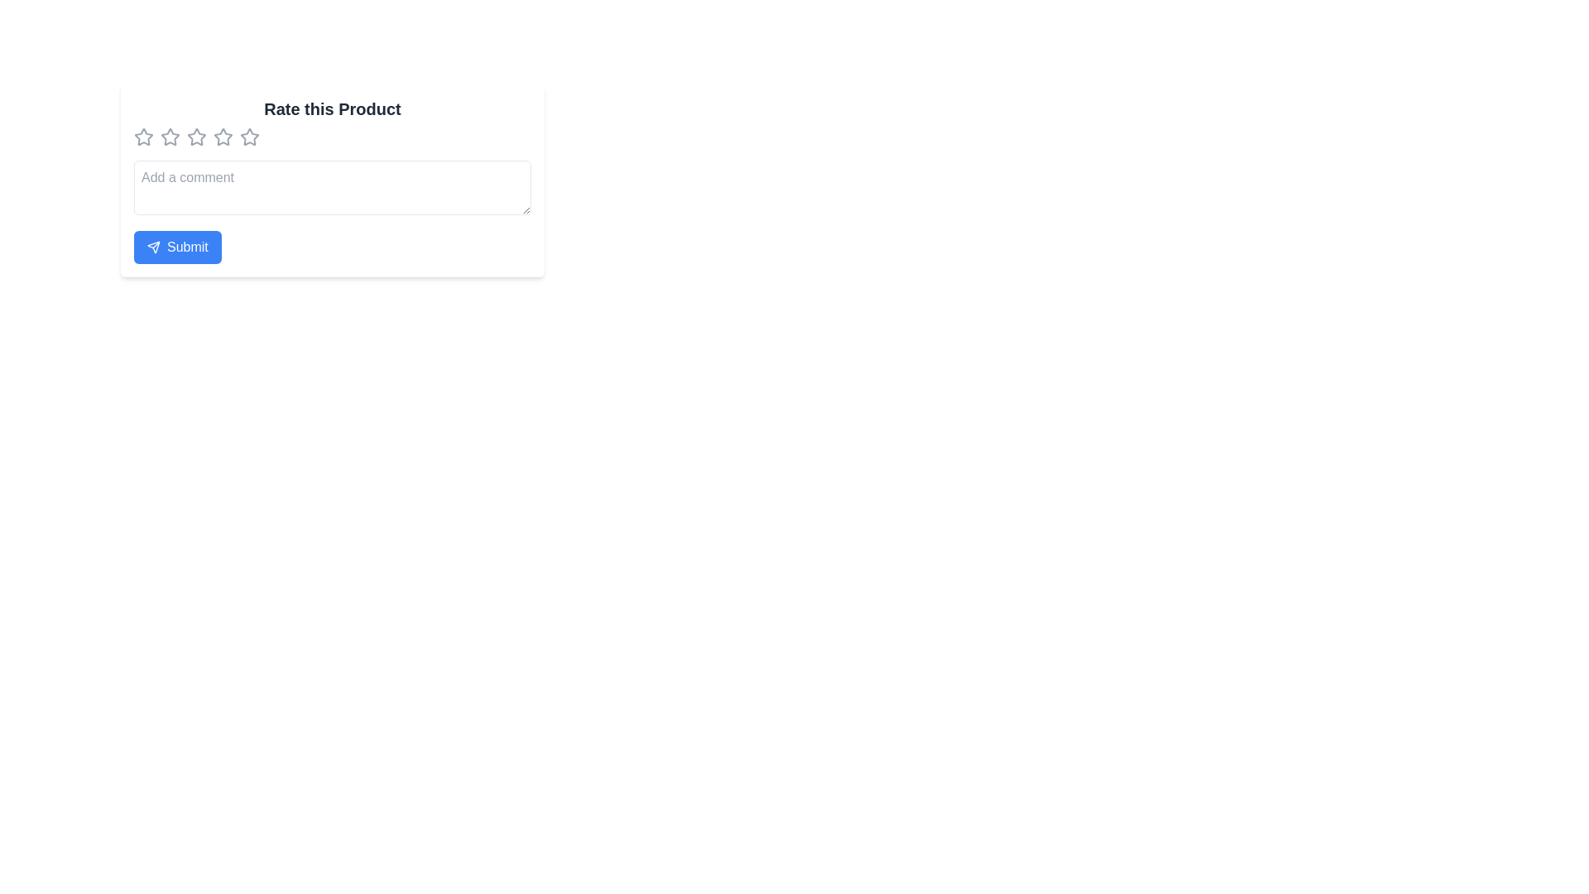  What do you see at coordinates (332, 187) in the screenshot?
I see `keyboard navigation` at bounding box center [332, 187].